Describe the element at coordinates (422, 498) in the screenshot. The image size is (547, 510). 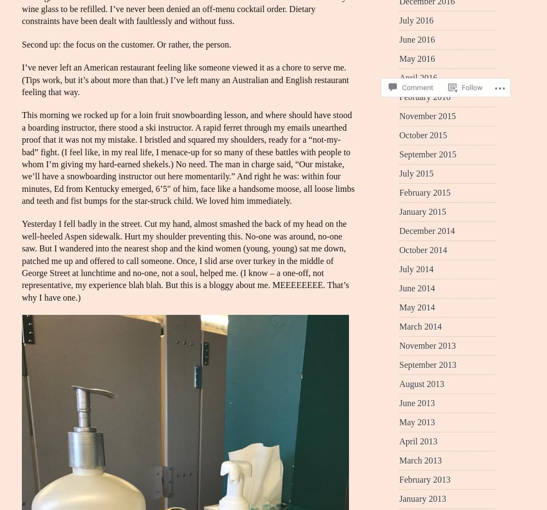
I see `'January 2013'` at that location.